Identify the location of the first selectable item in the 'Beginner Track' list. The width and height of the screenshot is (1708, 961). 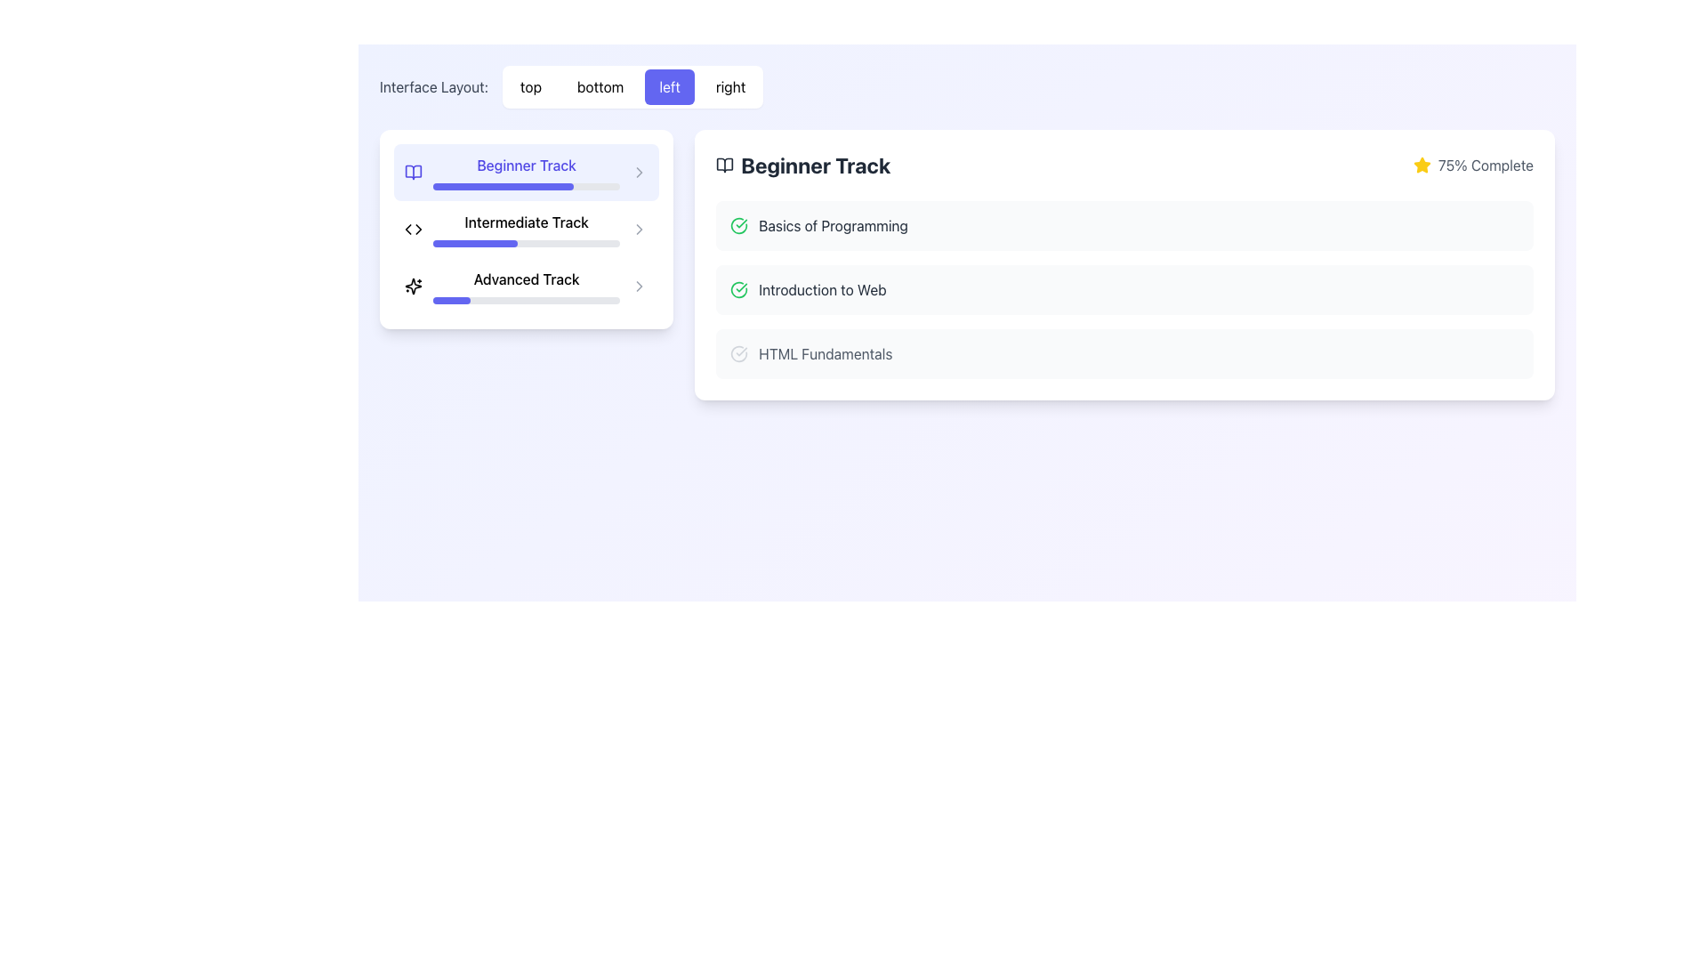
(1123, 225).